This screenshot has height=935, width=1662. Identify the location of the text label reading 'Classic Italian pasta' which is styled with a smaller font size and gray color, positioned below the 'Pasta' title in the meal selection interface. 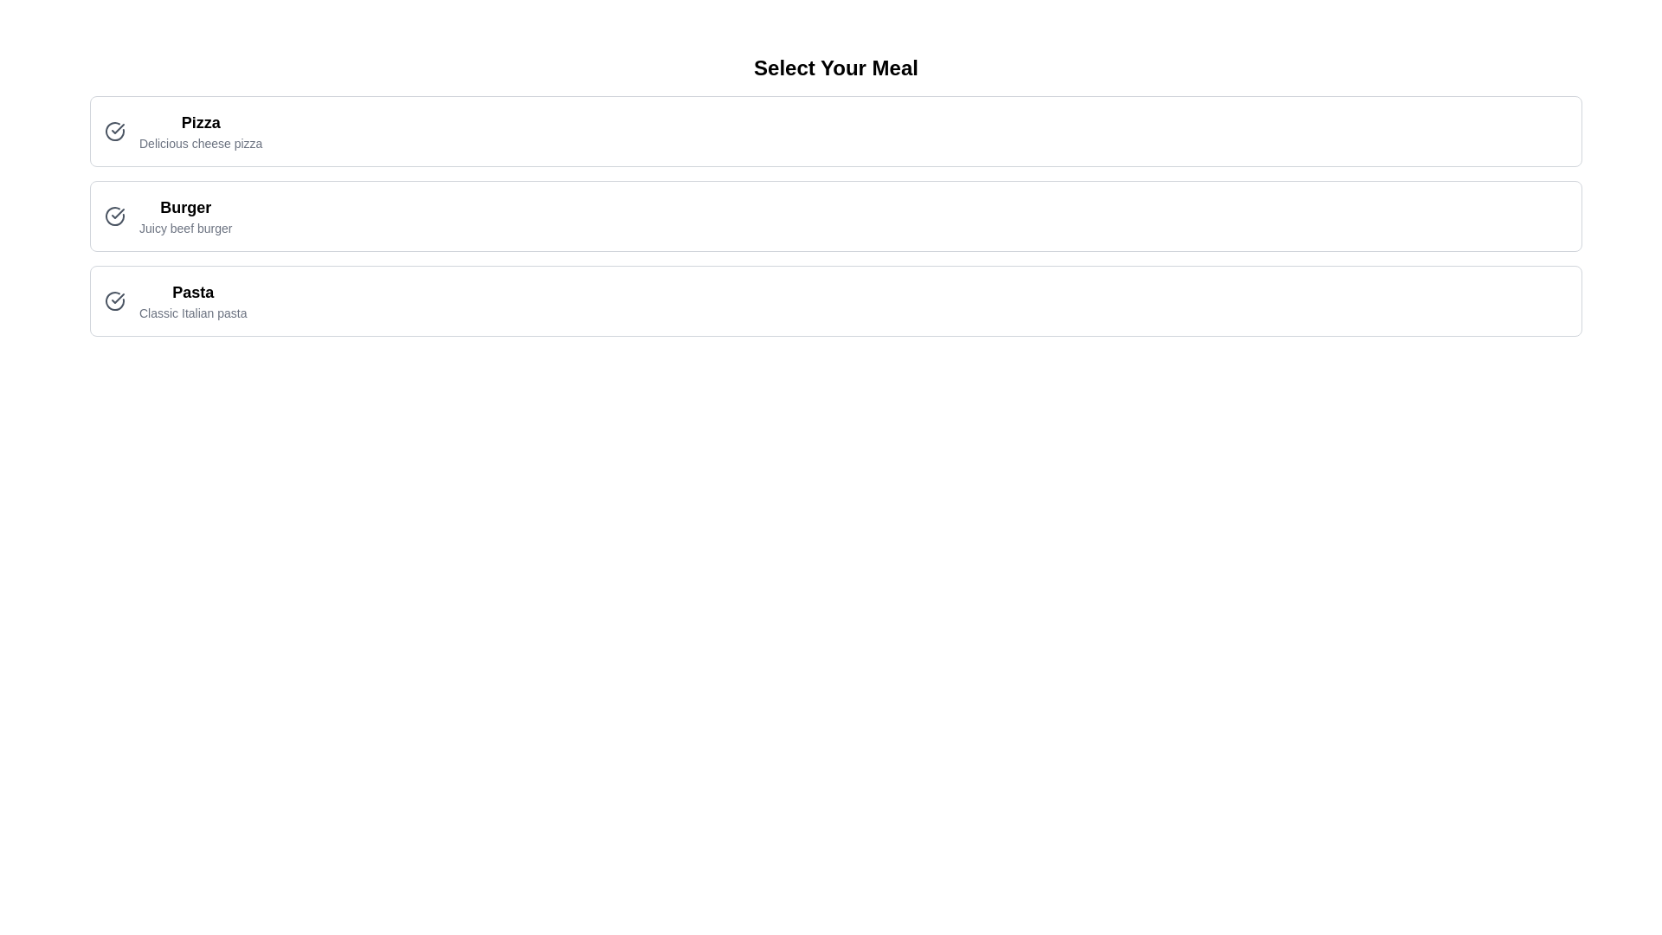
(193, 313).